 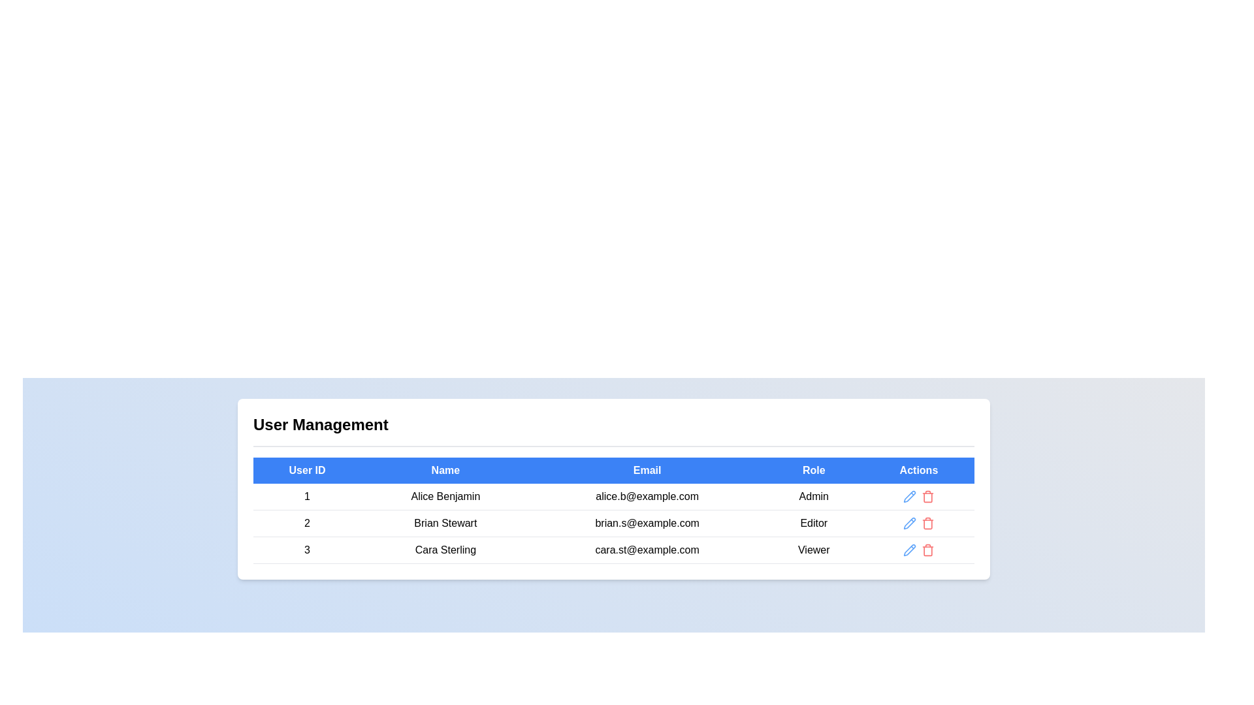 What do you see at coordinates (927, 496) in the screenshot?
I see `the delete button located in the last column of the first row under the 'Actions' header, which is the second button in the group` at bounding box center [927, 496].